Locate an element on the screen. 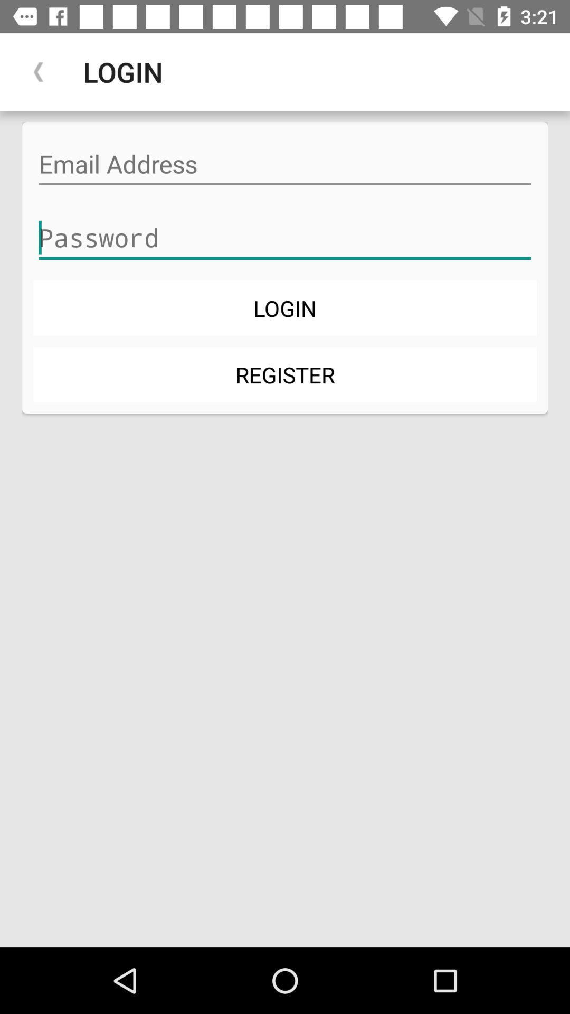 This screenshot has height=1014, width=570. item above the login item is located at coordinates (285, 237).